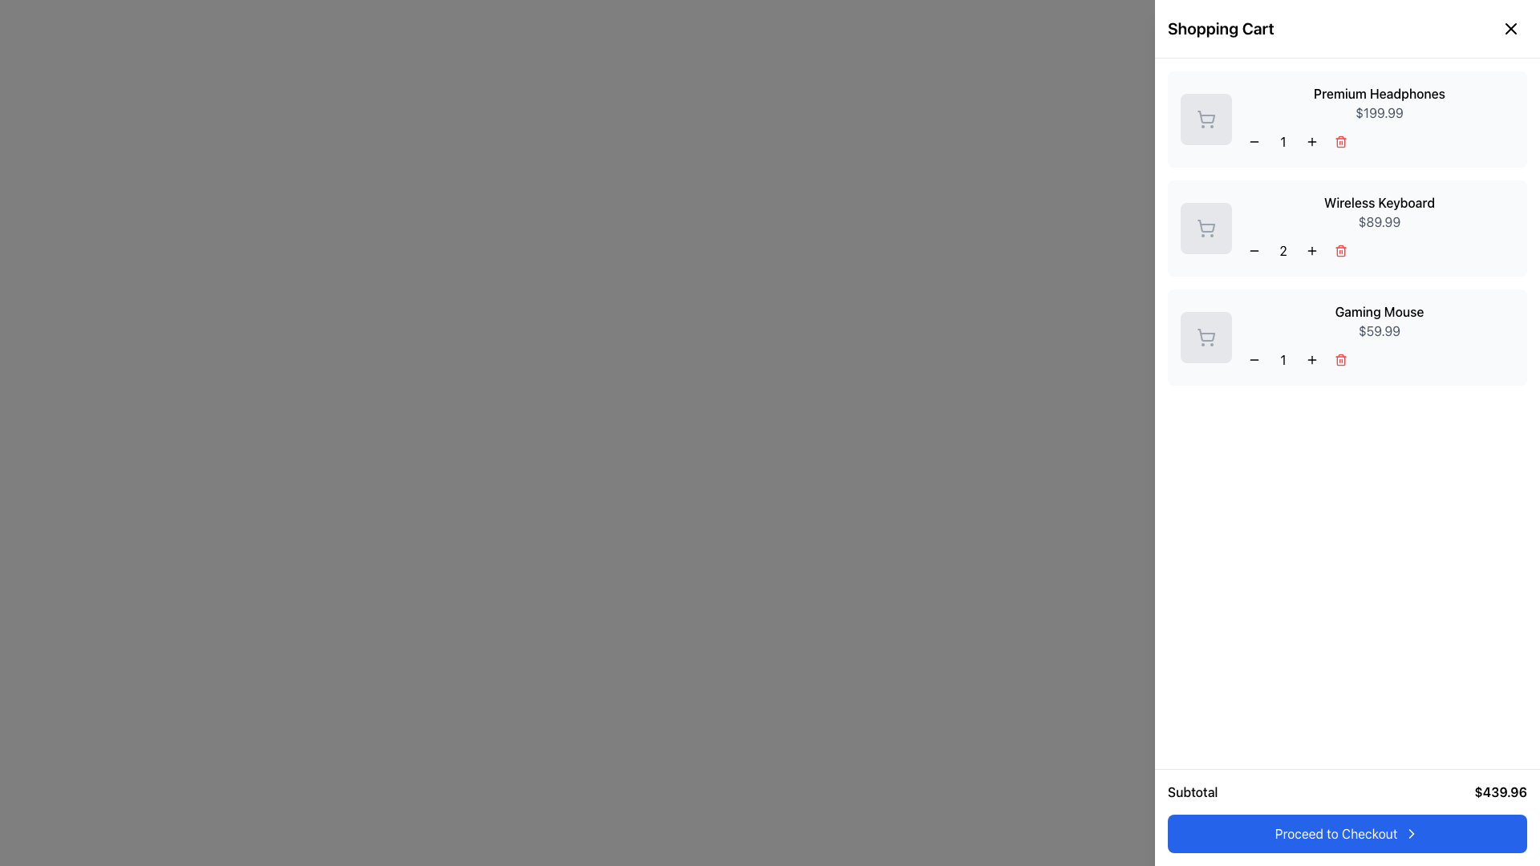 Image resolution: width=1540 pixels, height=866 pixels. I want to click on the circular gray button with a plus sign icon, located to the right of the numeric quantity indicator for the 'Gaming Mouse' item in the shopping cart, so click(1312, 358).